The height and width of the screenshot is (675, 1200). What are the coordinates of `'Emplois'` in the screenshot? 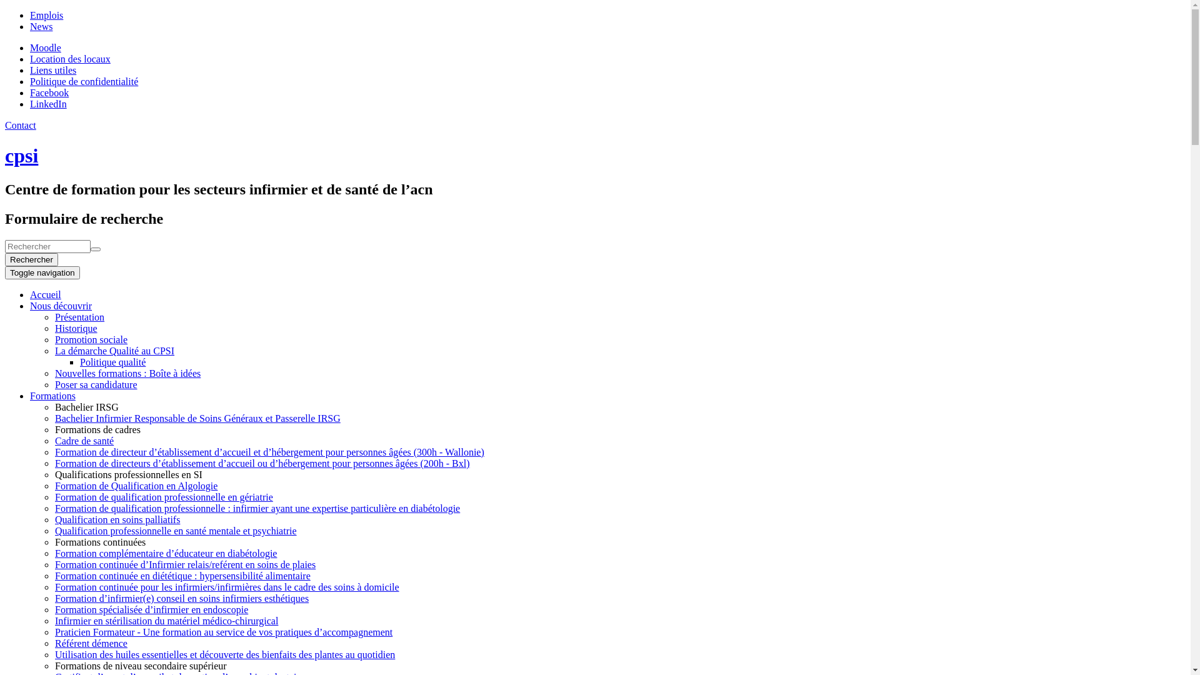 It's located at (46, 15).